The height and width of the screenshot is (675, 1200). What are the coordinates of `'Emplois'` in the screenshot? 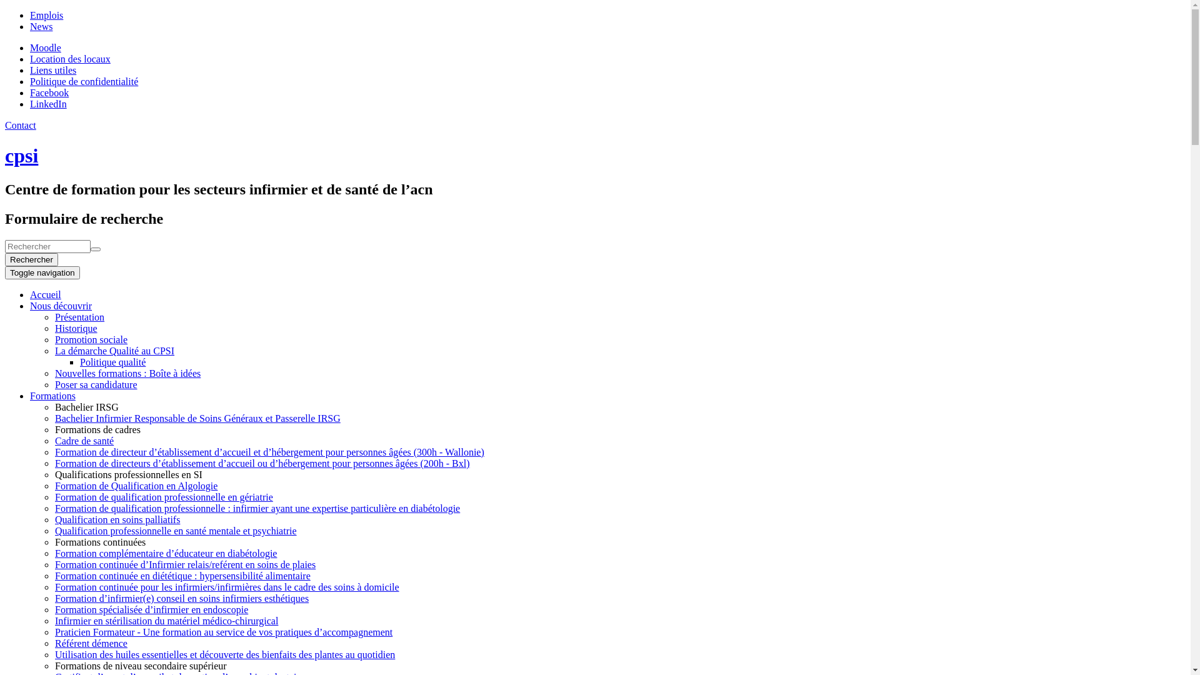 It's located at (46, 15).